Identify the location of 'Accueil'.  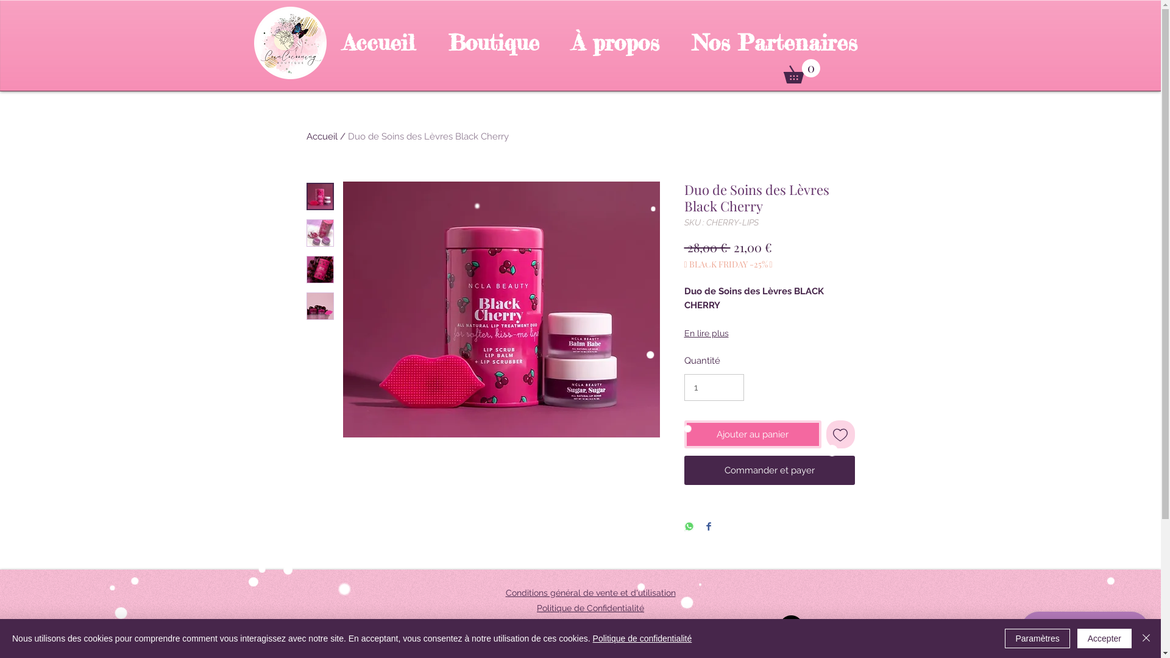
(306, 136).